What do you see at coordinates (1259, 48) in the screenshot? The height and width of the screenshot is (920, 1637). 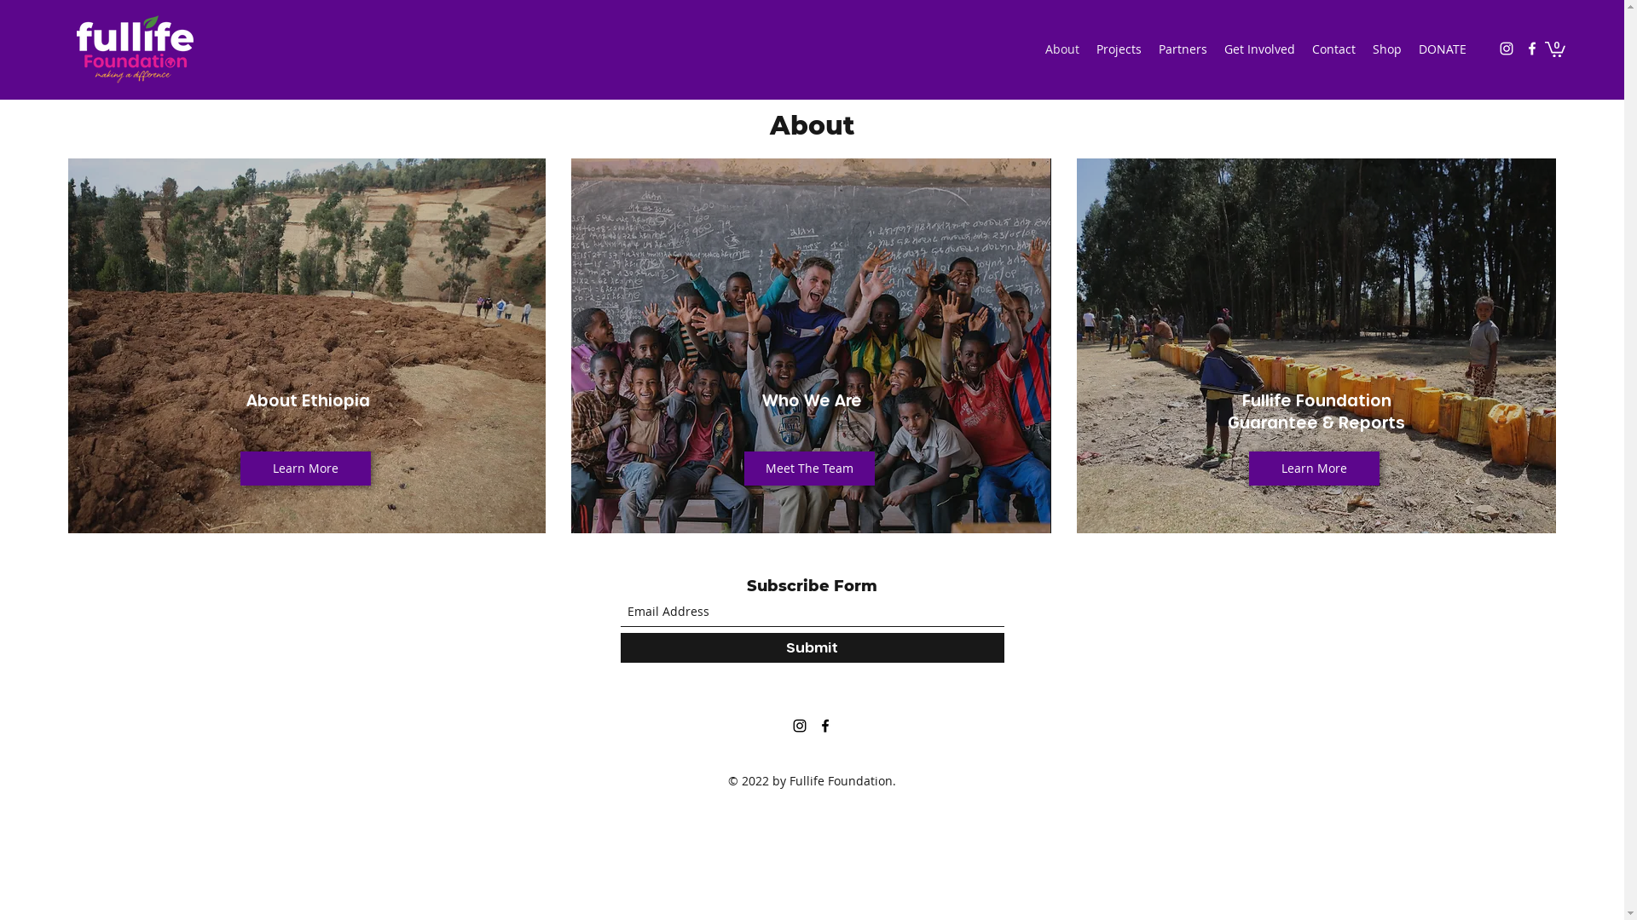 I see `'Get Involved'` at bounding box center [1259, 48].